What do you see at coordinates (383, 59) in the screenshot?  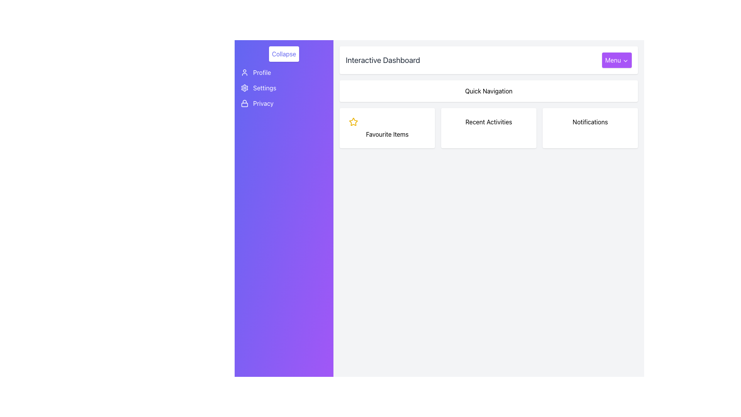 I see `the Text Label that serves as the title or header for the section, located to the left of the 'Menu' button and a small dropdown icon` at bounding box center [383, 59].